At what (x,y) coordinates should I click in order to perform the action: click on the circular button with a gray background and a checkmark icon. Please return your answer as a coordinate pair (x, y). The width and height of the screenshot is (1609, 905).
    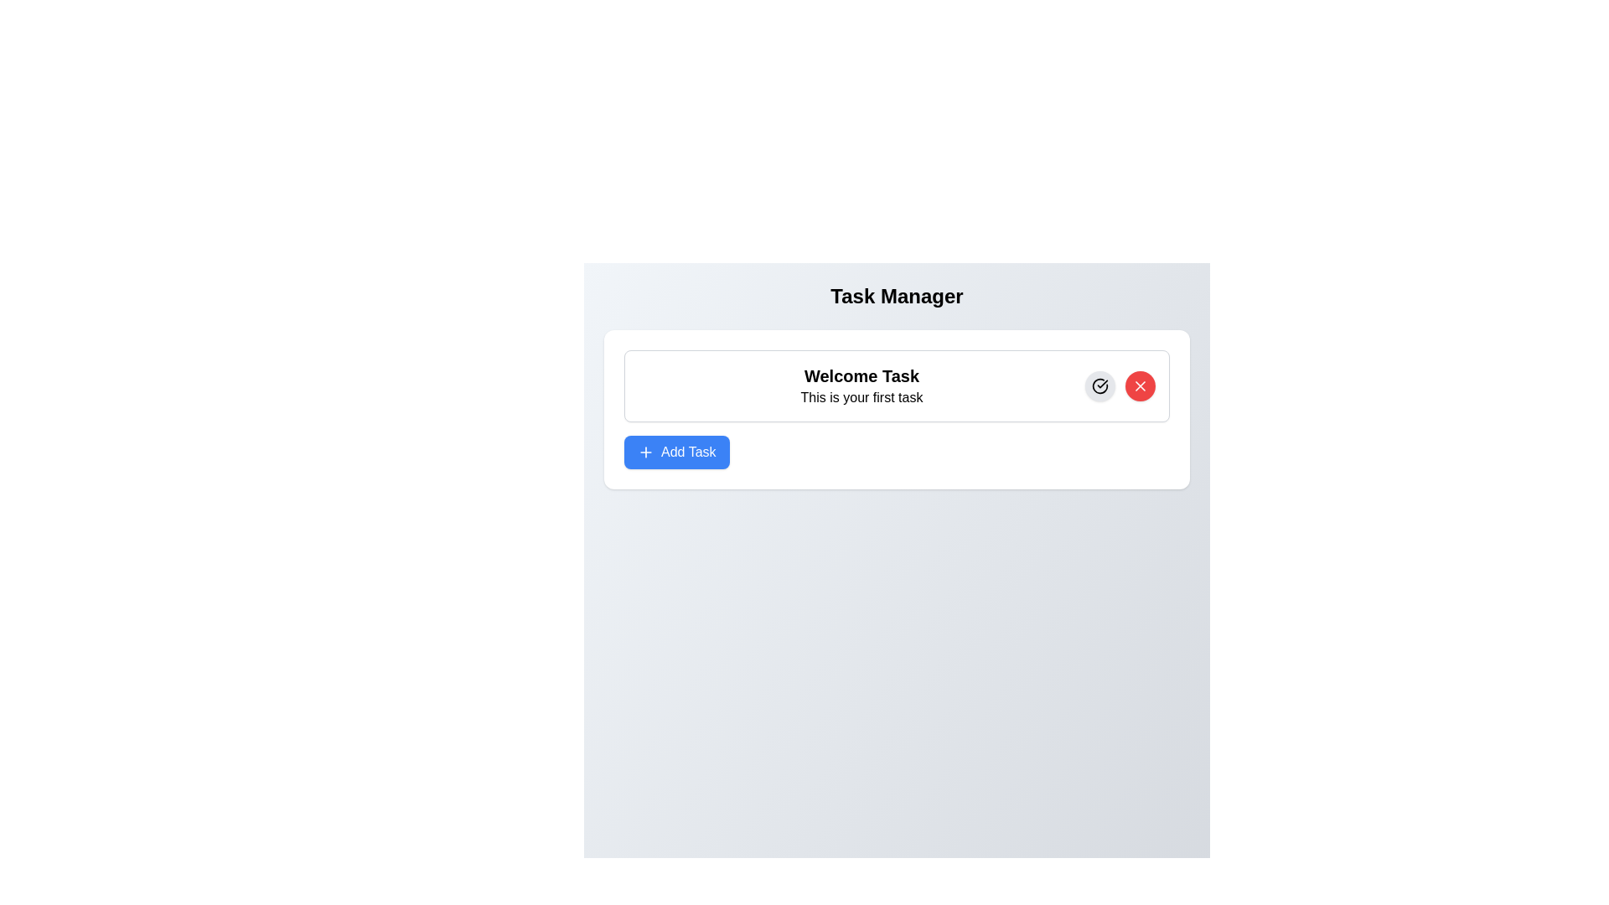
    Looking at the image, I should click on (1100, 386).